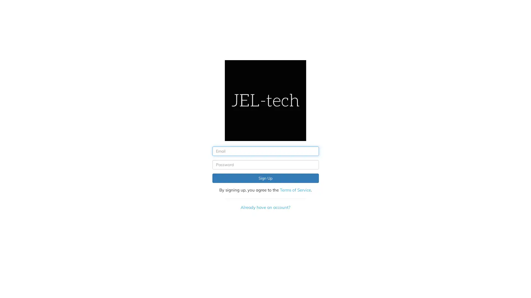 This screenshot has width=531, height=298. I want to click on Sign Up, so click(265, 178).